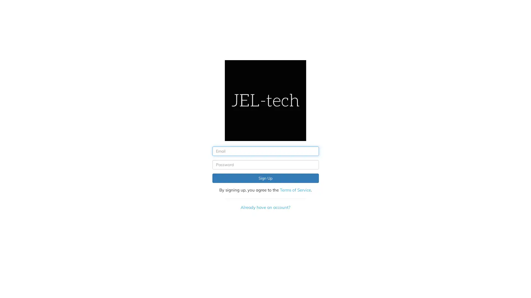 This screenshot has width=531, height=298. I want to click on Sign Up, so click(265, 178).